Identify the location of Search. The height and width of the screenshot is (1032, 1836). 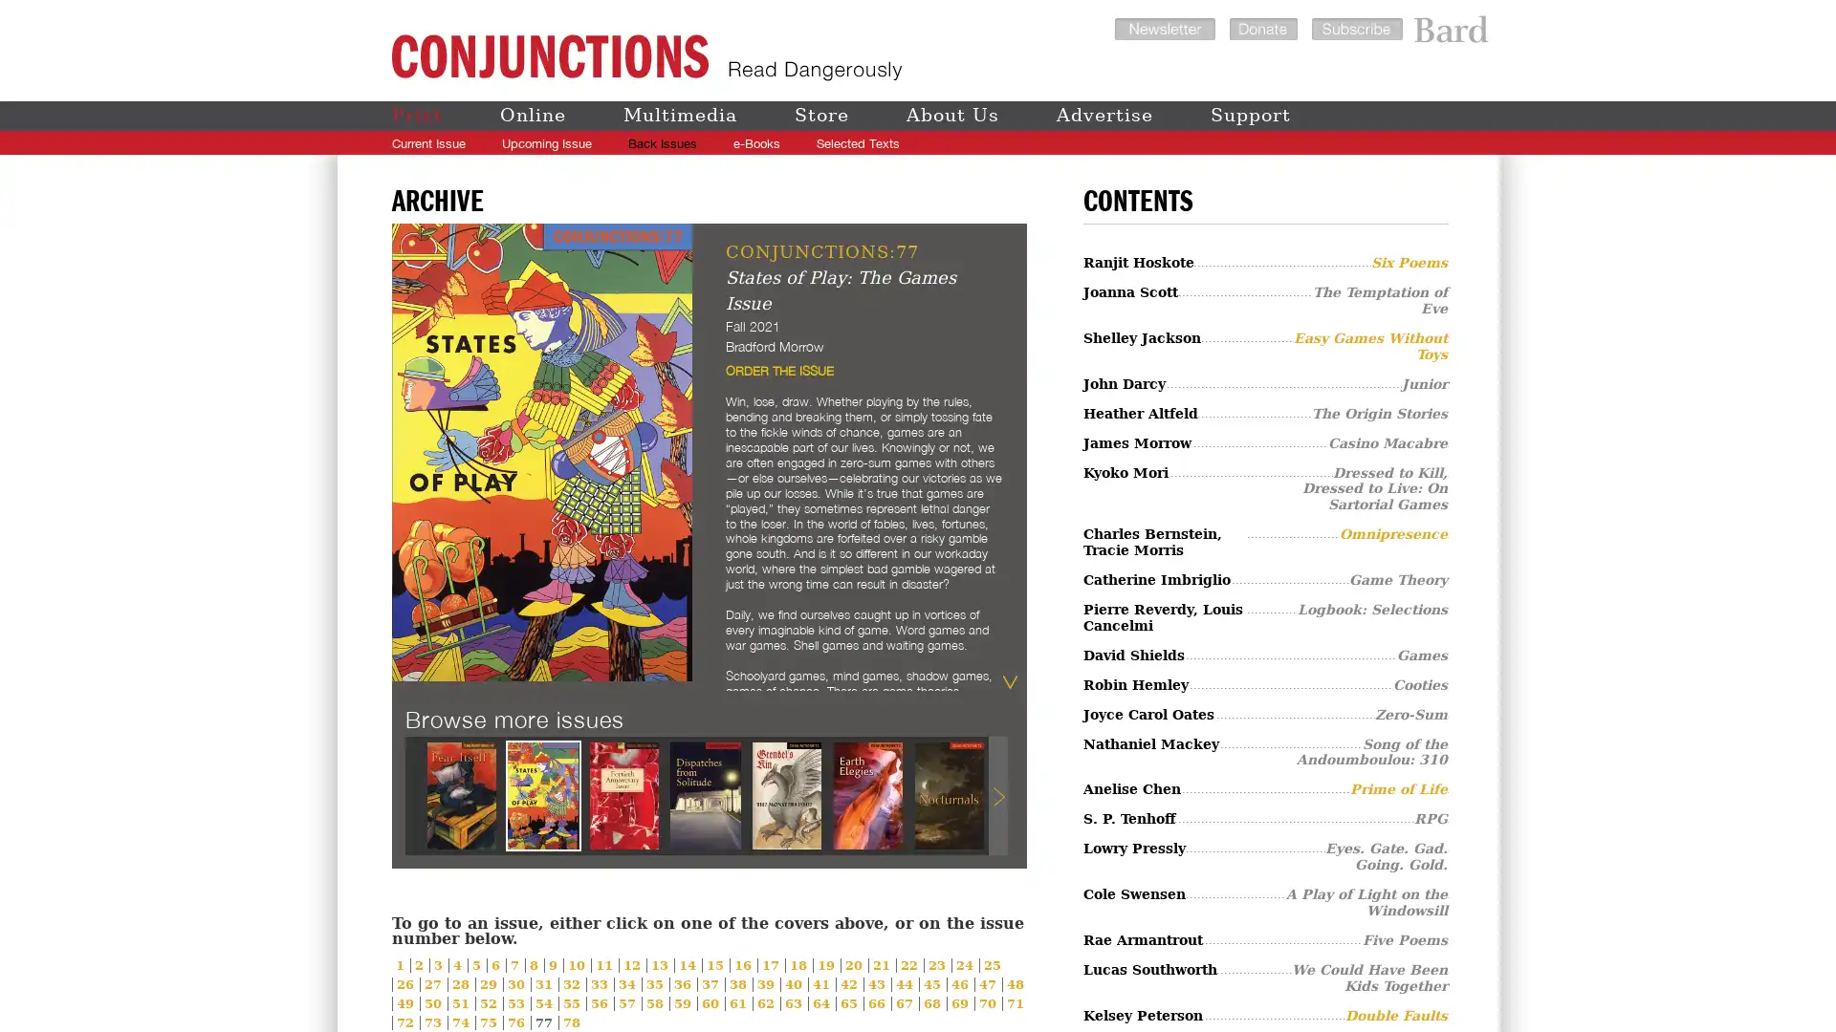
(1437, 142).